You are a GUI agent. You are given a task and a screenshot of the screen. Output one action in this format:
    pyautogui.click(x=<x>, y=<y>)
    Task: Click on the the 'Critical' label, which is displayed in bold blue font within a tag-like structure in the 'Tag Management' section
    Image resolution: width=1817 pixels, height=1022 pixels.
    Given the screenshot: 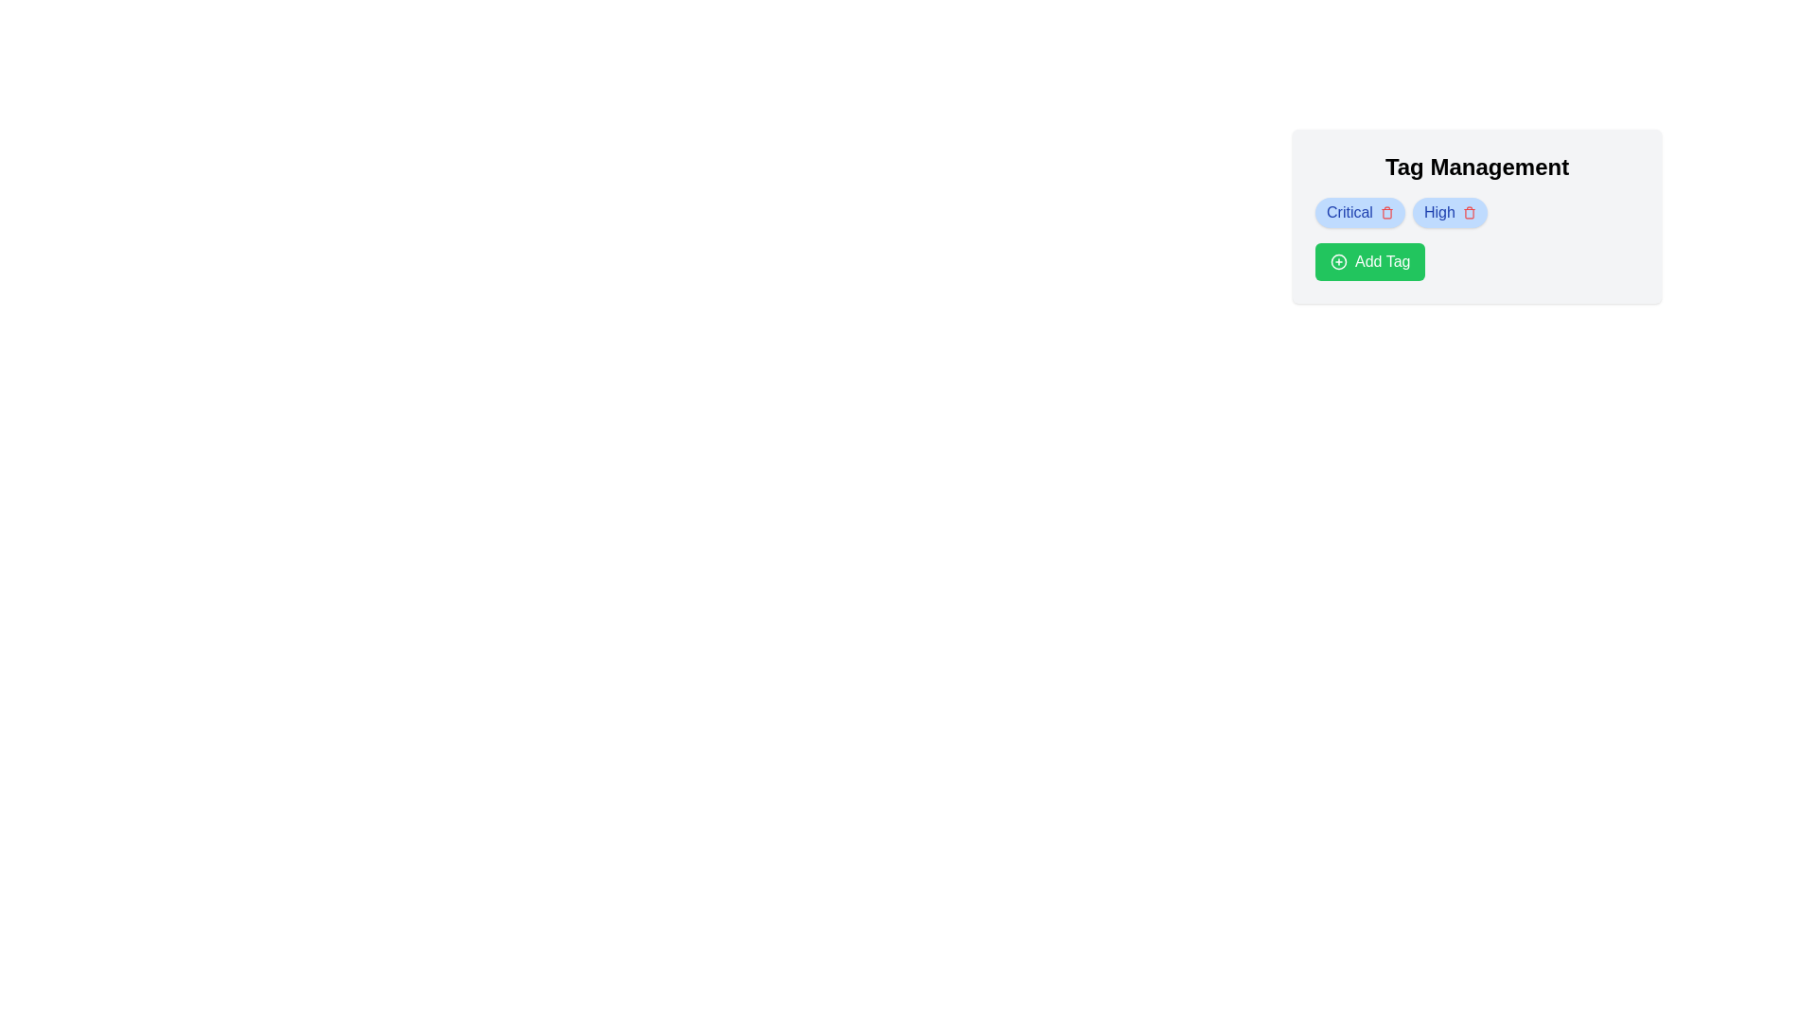 What is the action you would take?
    pyautogui.click(x=1349, y=212)
    